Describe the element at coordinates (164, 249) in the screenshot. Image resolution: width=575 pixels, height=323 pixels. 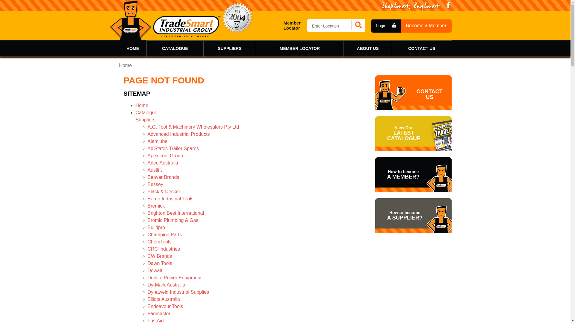
I see `'CRC Industries'` at that location.